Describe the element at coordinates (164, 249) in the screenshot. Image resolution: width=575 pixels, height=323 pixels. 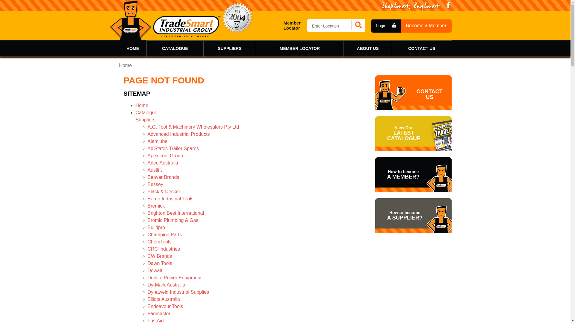
I see `'CRC Industries'` at that location.